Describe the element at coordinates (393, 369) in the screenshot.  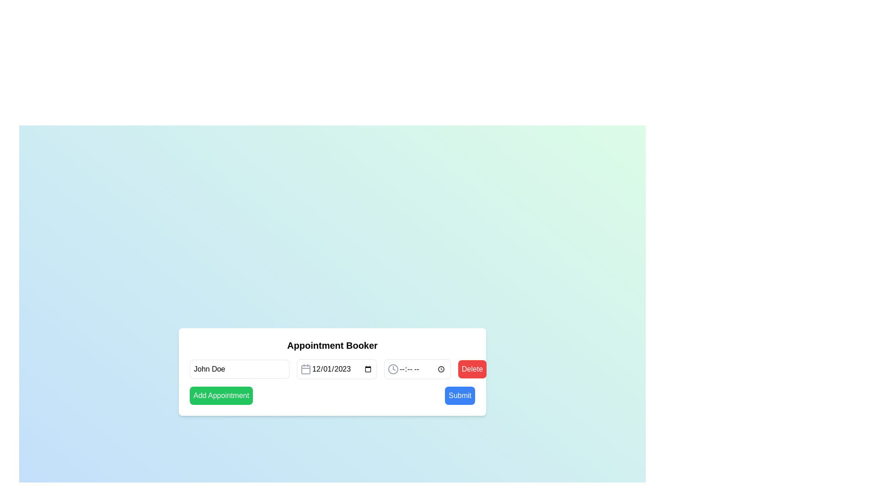
I see `the SVG circle graphic, which is a minimalistic clock icon located near the time selection field in the interface` at that location.